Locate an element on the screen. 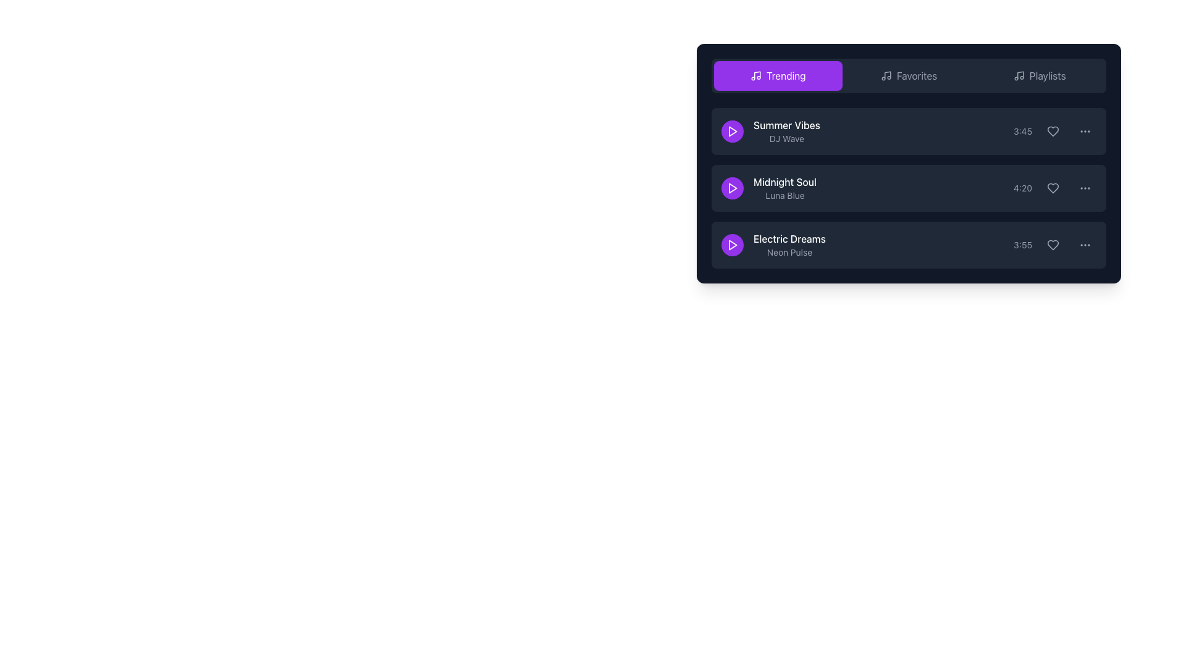 The height and width of the screenshot is (667, 1186). text displayed in the text block with the title 'Midnight Soul' in bold white font and 'Luna Blue' in smaller gray font underneath, located in the second row of the playlist list is located at coordinates (784, 188).